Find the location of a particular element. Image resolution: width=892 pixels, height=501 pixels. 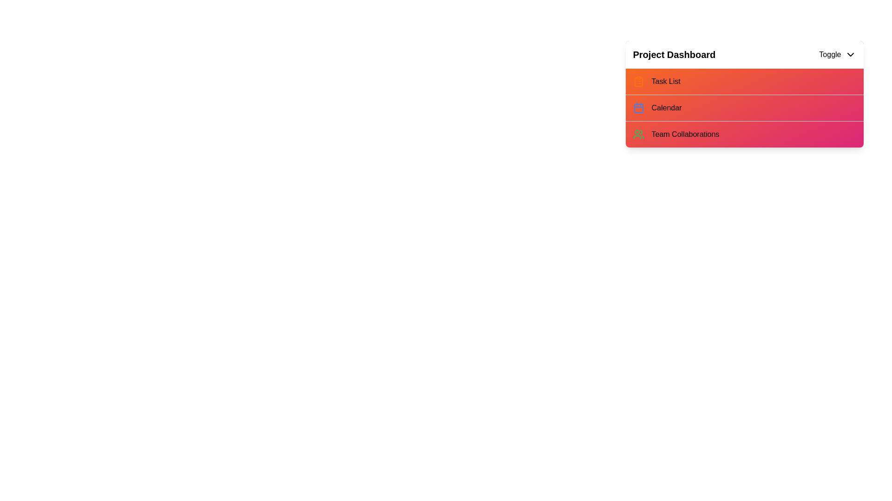

the icon corresponding to Task List is located at coordinates (638, 81).